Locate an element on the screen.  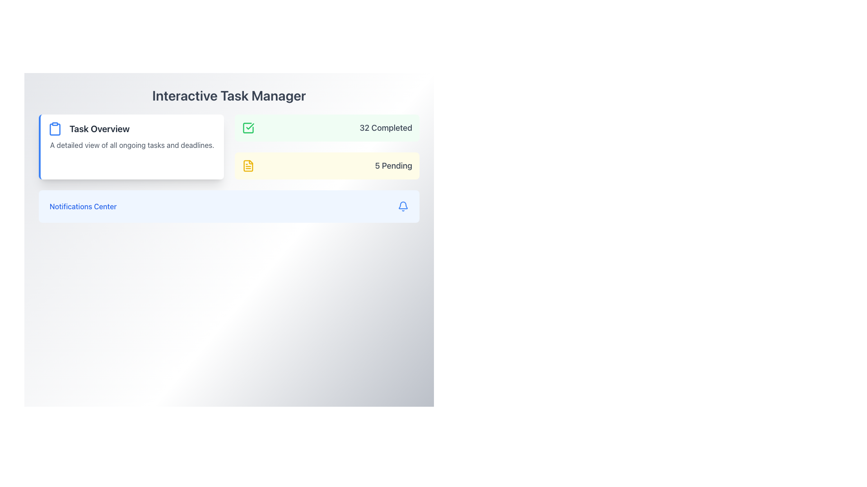
text displayed in the title or heading area of the application, which is positioned at the top-center of the interface is located at coordinates (229, 96).